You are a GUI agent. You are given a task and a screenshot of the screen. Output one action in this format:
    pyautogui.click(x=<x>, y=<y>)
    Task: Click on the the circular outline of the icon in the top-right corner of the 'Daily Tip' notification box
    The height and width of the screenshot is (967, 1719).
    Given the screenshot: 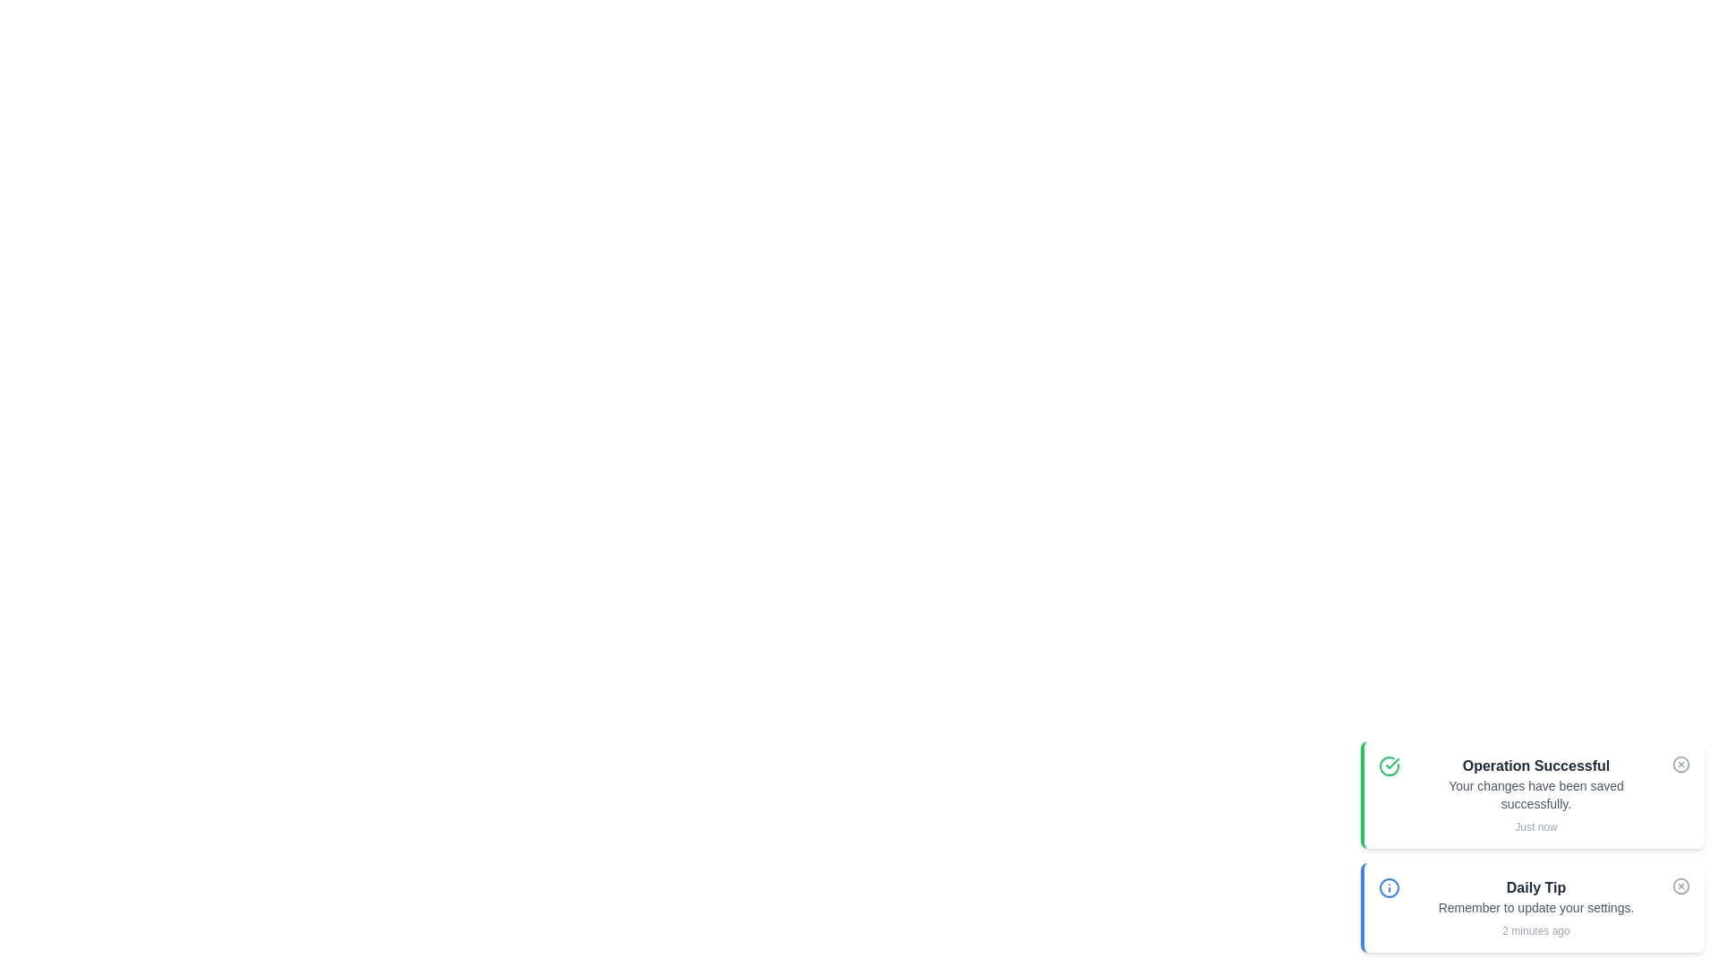 What is the action you would take?
    pyautogui.click(x=1680, y=886)
    